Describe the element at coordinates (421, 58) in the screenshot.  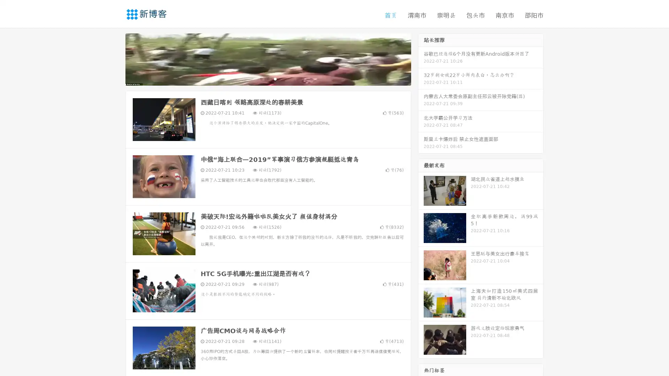
I see `Next slide` at that location.